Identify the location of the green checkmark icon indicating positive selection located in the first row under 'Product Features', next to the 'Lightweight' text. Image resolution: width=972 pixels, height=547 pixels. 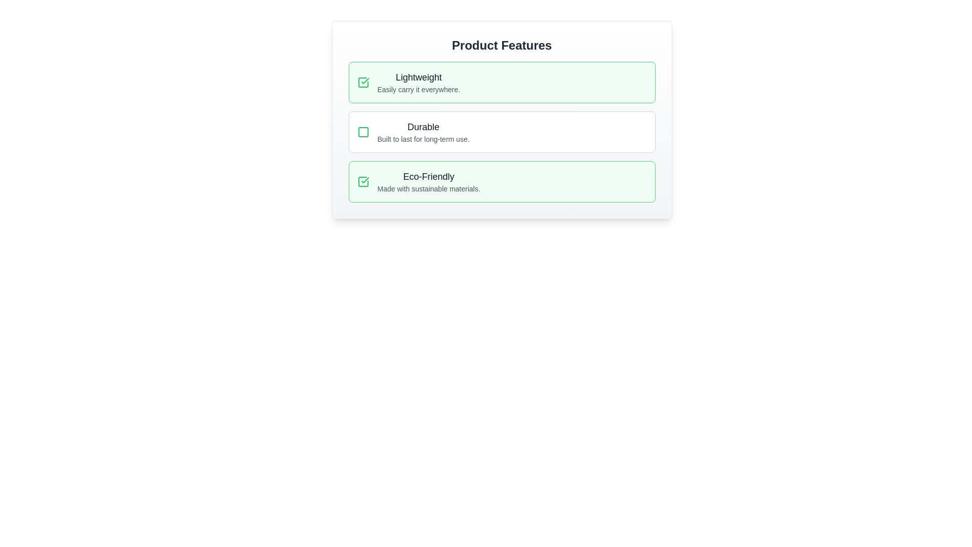
(364, 179).